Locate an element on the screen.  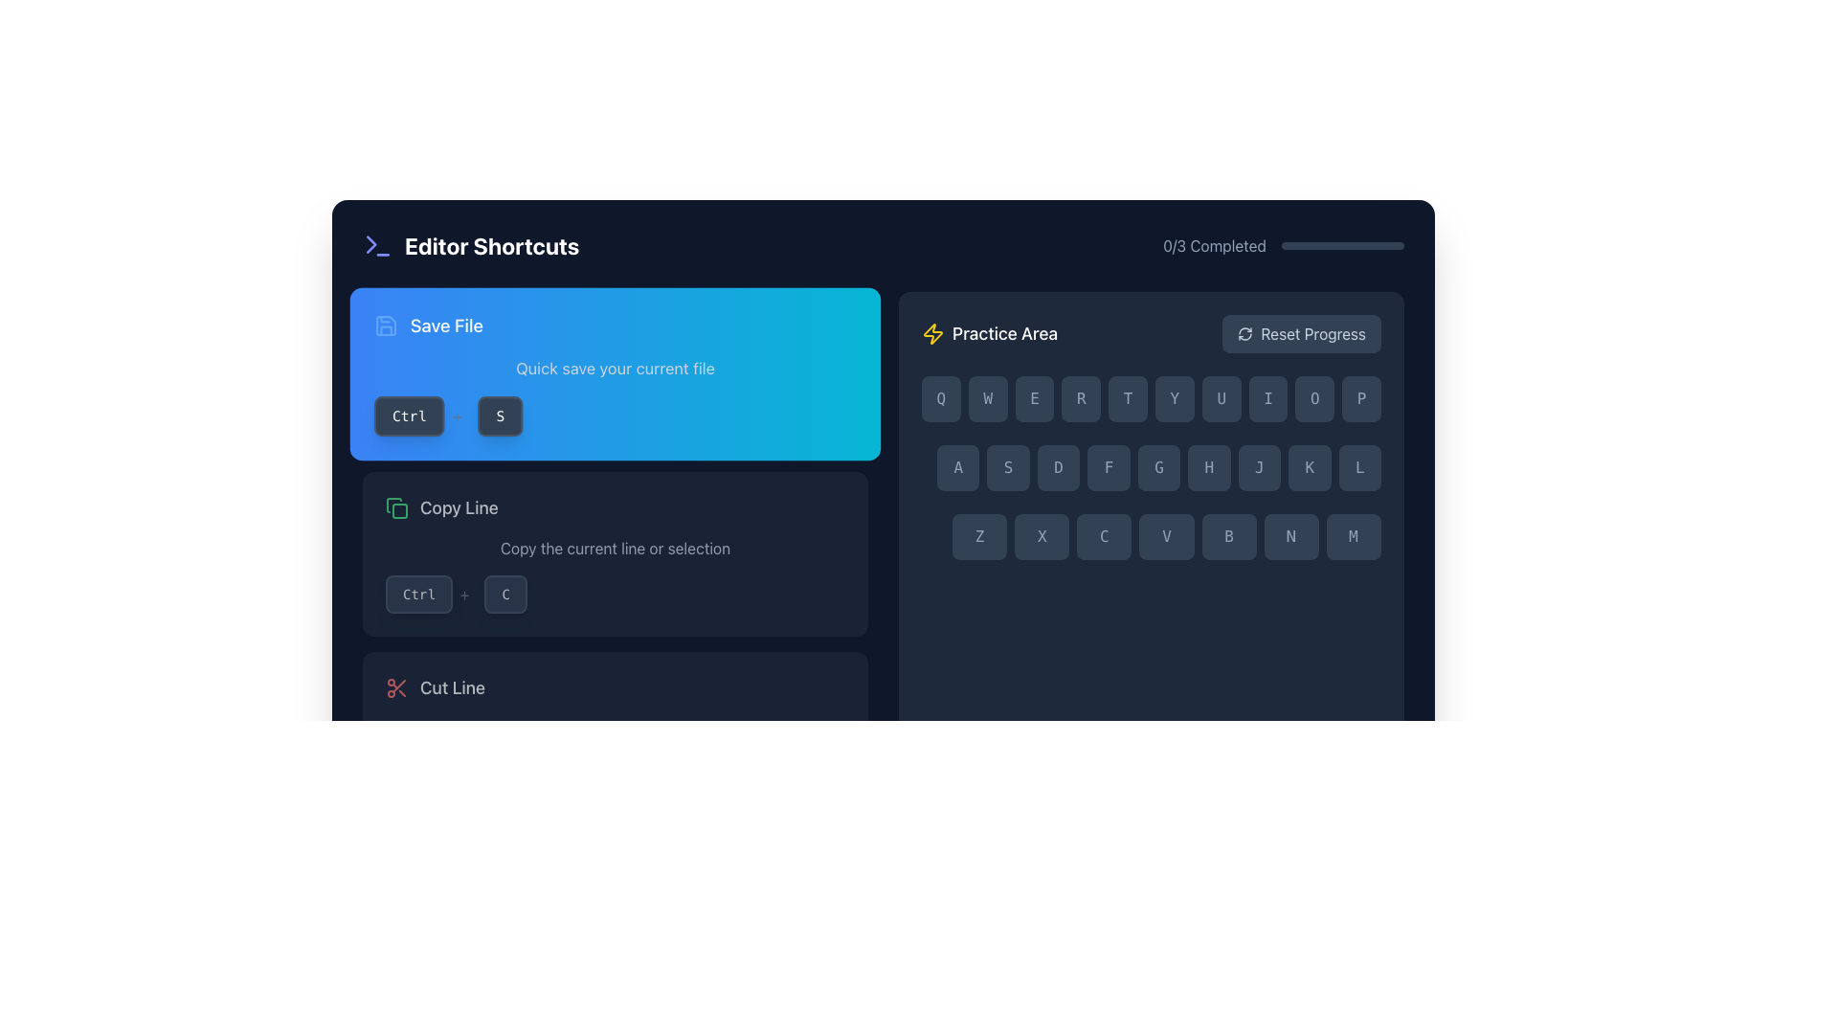
the square button with rounded corners labeled 'Z' in the 'Practice Area' section is located at coordinates (979, 536).